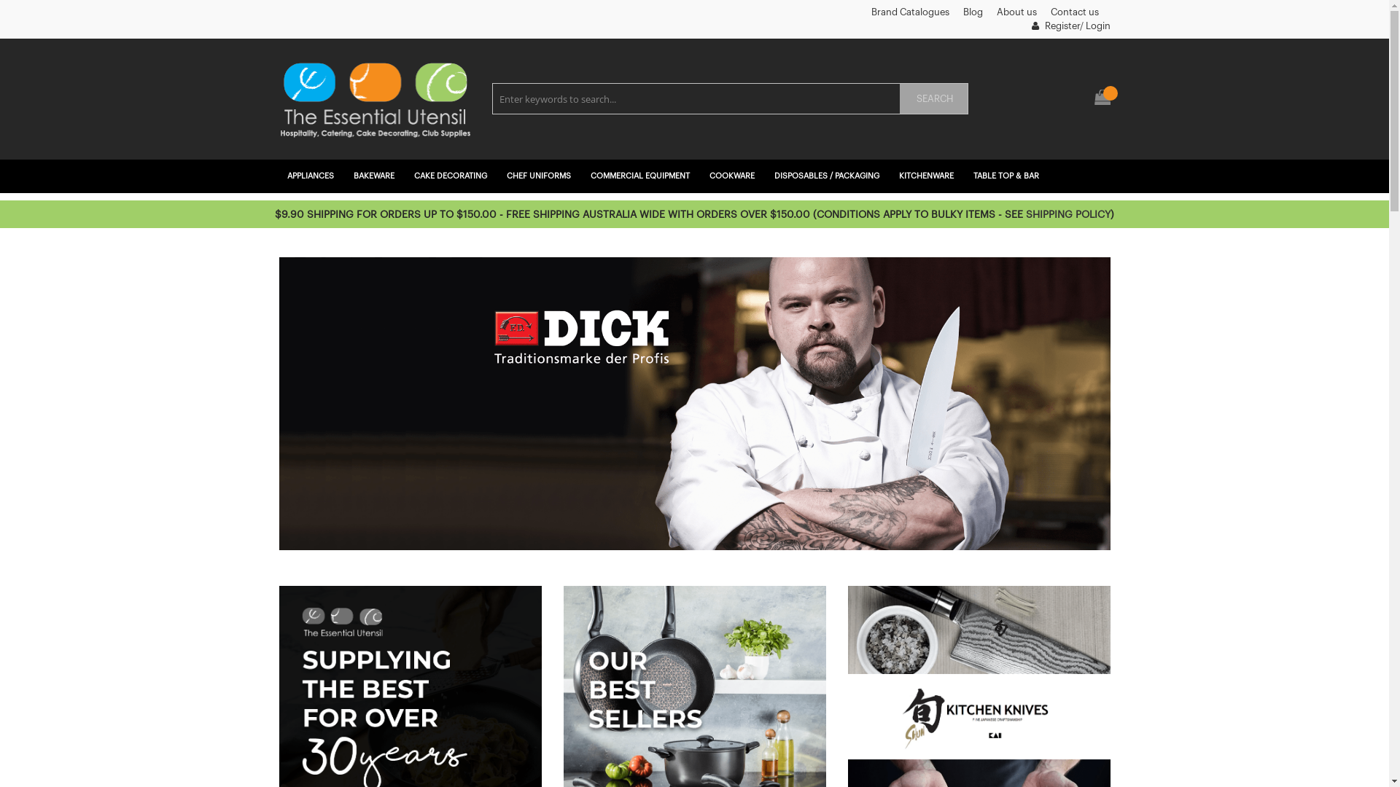 This screenshot has width=1400, height=787. I want to click on 'CAKE DECORATING', so click(451, 176).